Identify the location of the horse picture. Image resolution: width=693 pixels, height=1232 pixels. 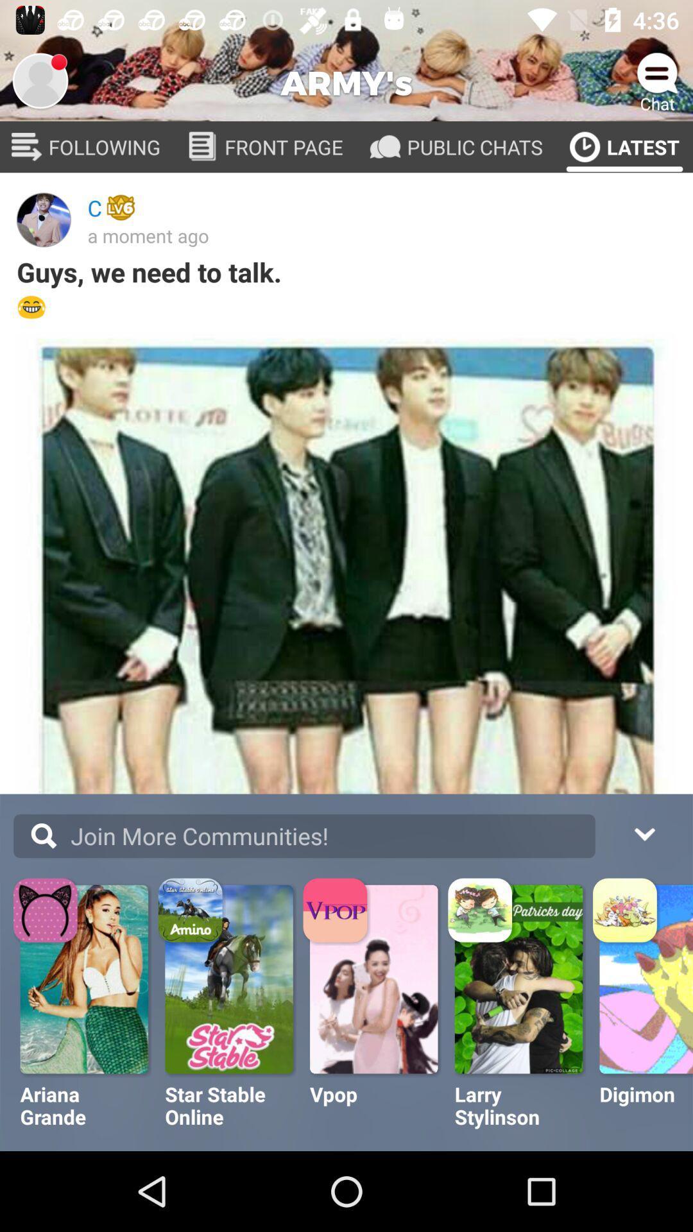
(230, 979).